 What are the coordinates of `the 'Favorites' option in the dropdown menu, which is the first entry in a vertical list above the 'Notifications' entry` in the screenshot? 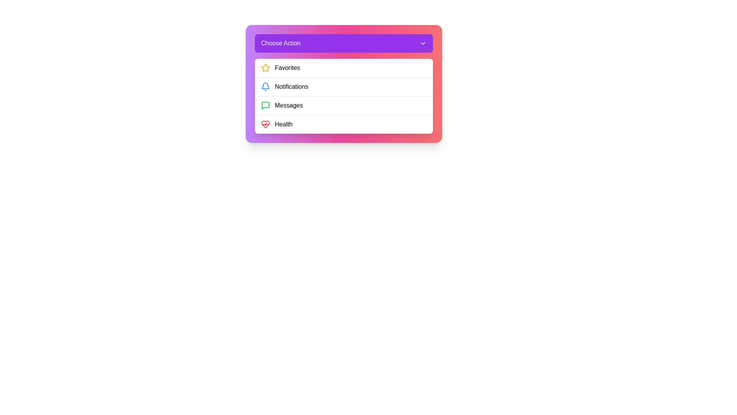 It's located at (344, 68).